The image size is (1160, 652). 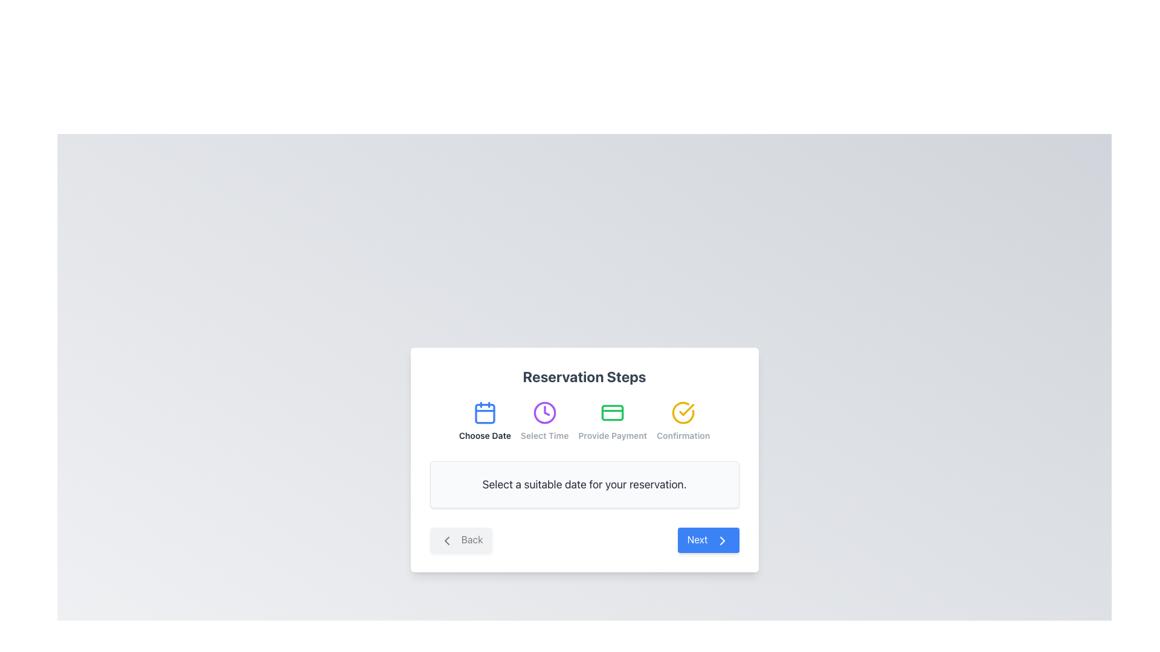 I want to click on the 'Back' button, which is a light gray button with rounded corners and a left-pointing arrow, located at the bottom left of the navigation buttons group, so click(x=460, y=539).